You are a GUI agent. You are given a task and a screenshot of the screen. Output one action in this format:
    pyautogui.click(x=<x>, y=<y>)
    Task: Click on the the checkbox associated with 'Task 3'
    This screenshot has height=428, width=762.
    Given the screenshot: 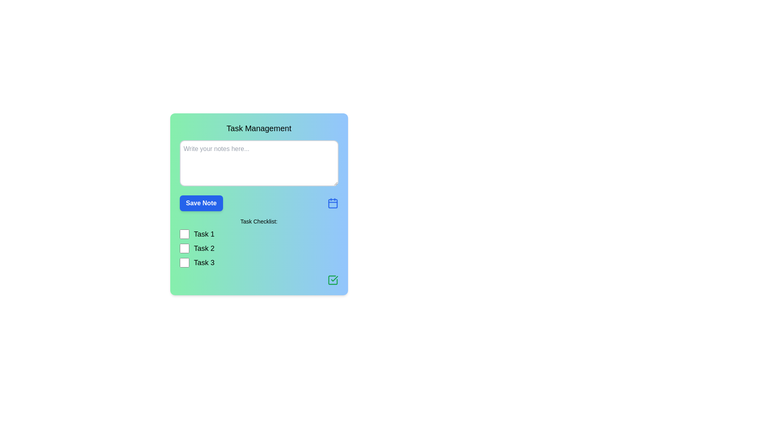 What is the action you would take?
    pyautogui.click(x=184, y=263)
    